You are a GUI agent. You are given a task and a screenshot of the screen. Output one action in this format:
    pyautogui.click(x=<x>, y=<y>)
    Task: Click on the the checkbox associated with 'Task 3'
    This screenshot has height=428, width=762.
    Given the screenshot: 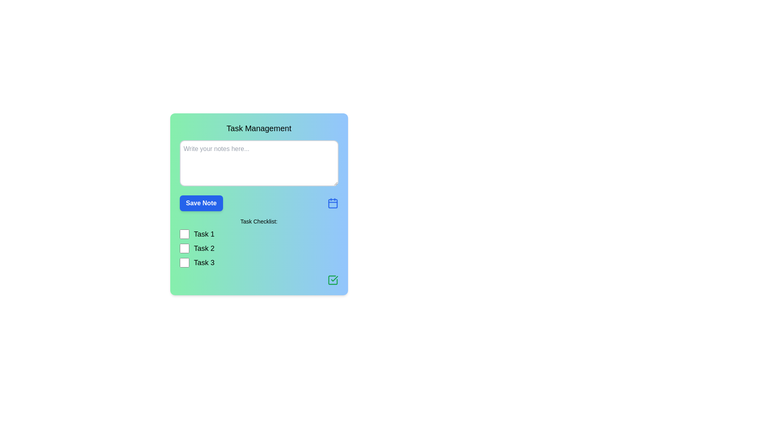 What is the action you would take?
    pyautogui.click(x=184, y=263)
    